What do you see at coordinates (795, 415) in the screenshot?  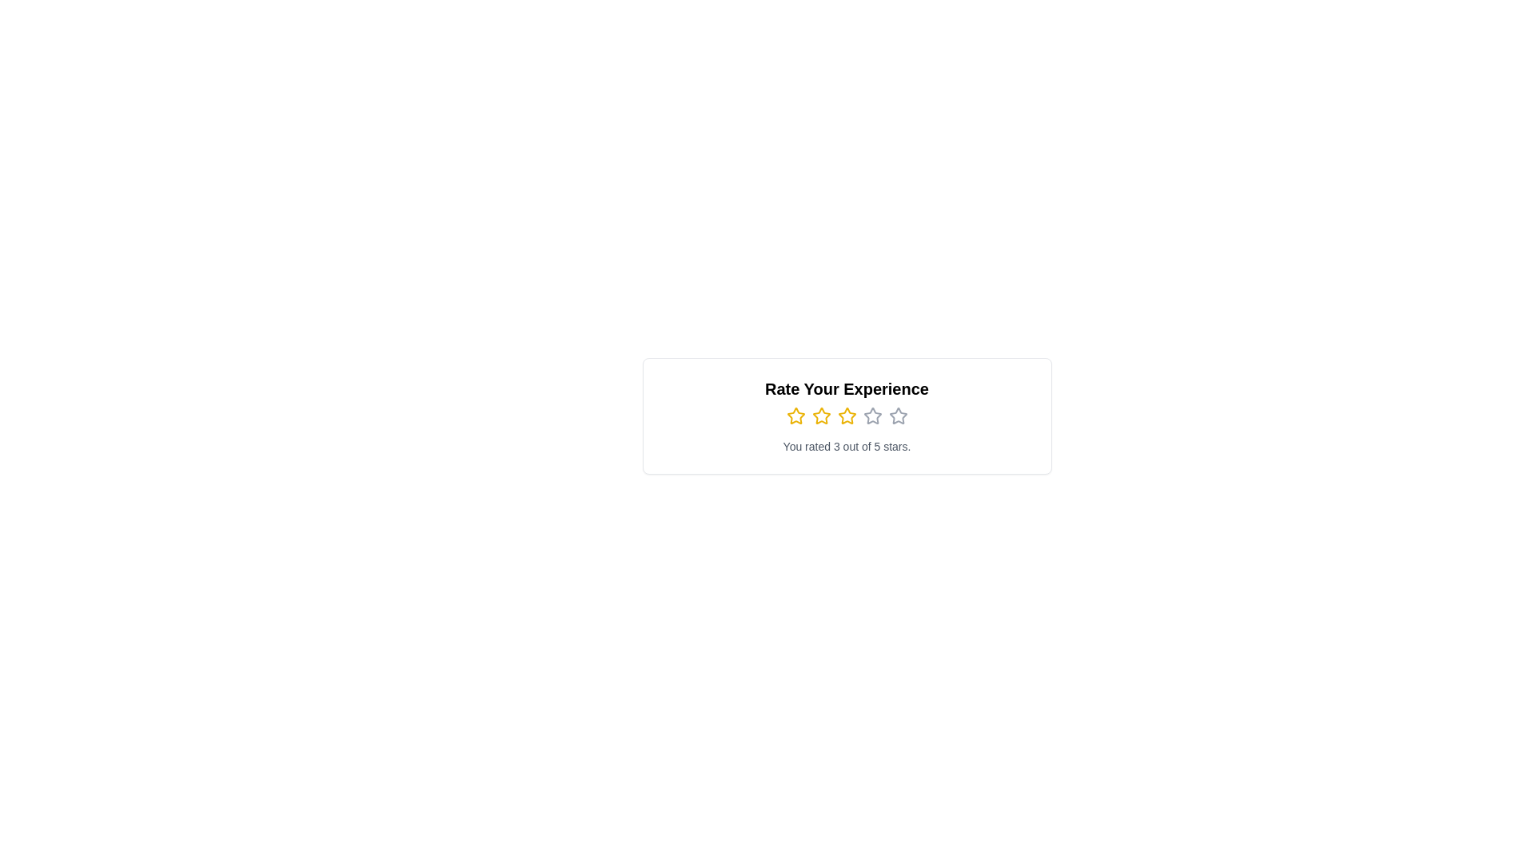 I see `the second yellow star icon used for rating, located below the 'Rate Your Experience' text` at bounding box center [795, 415].